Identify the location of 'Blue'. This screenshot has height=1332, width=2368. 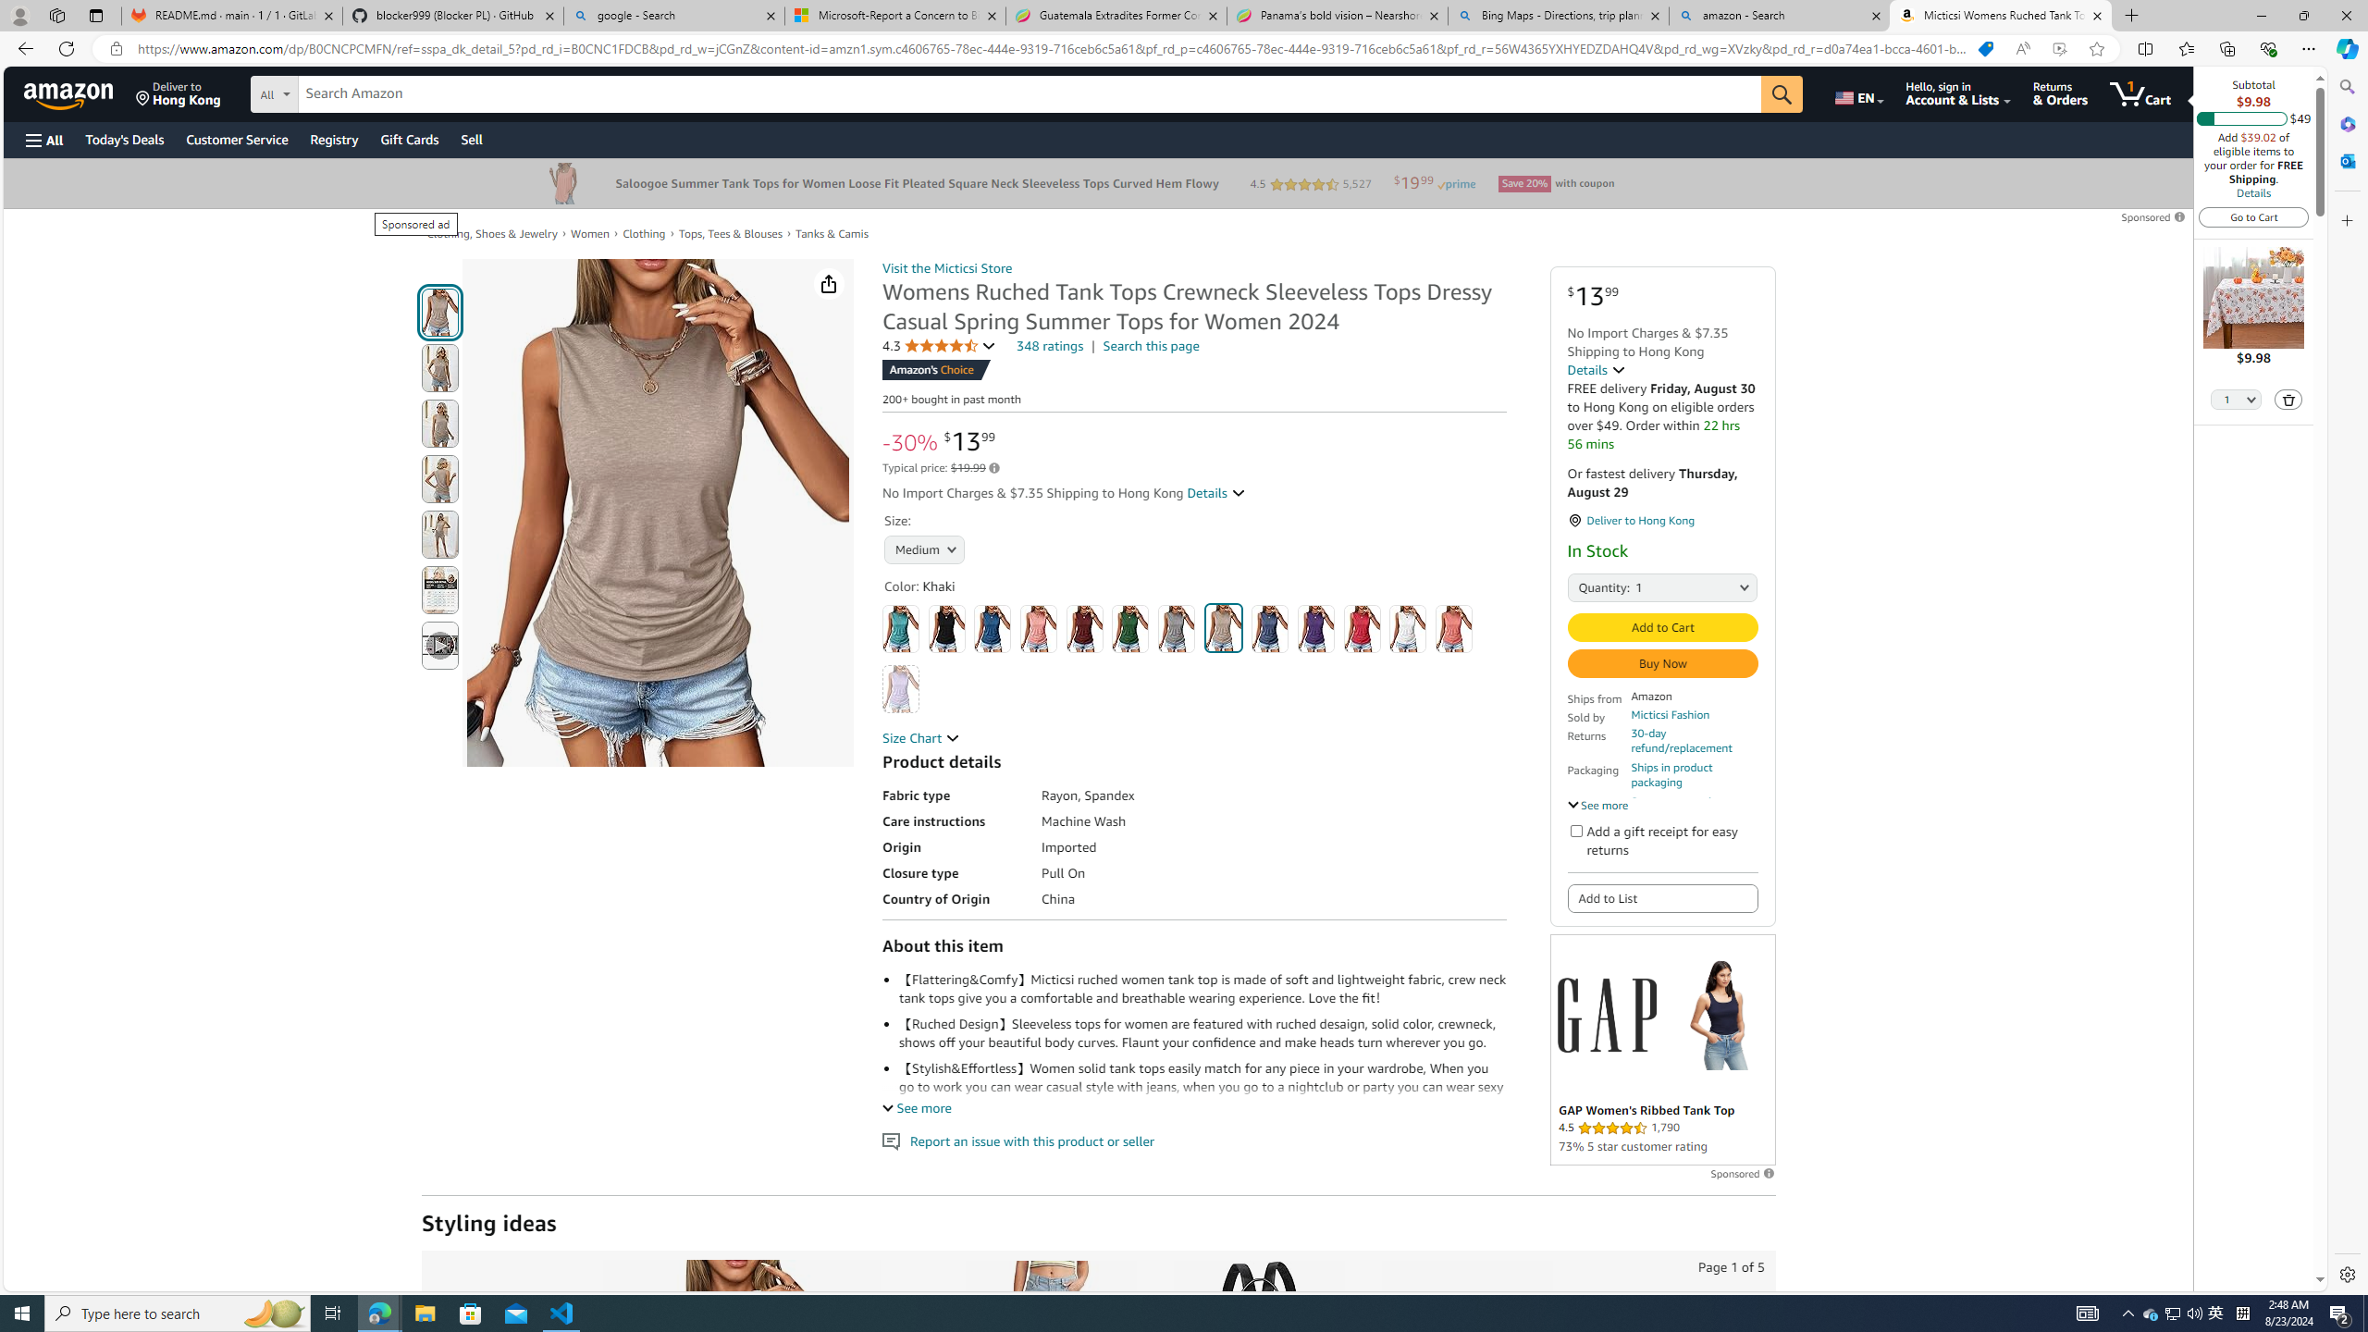
(992, 628).